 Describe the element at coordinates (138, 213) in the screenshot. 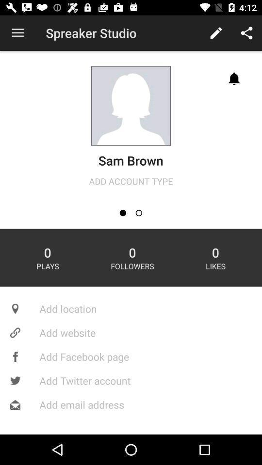

I see `change account` at that location.